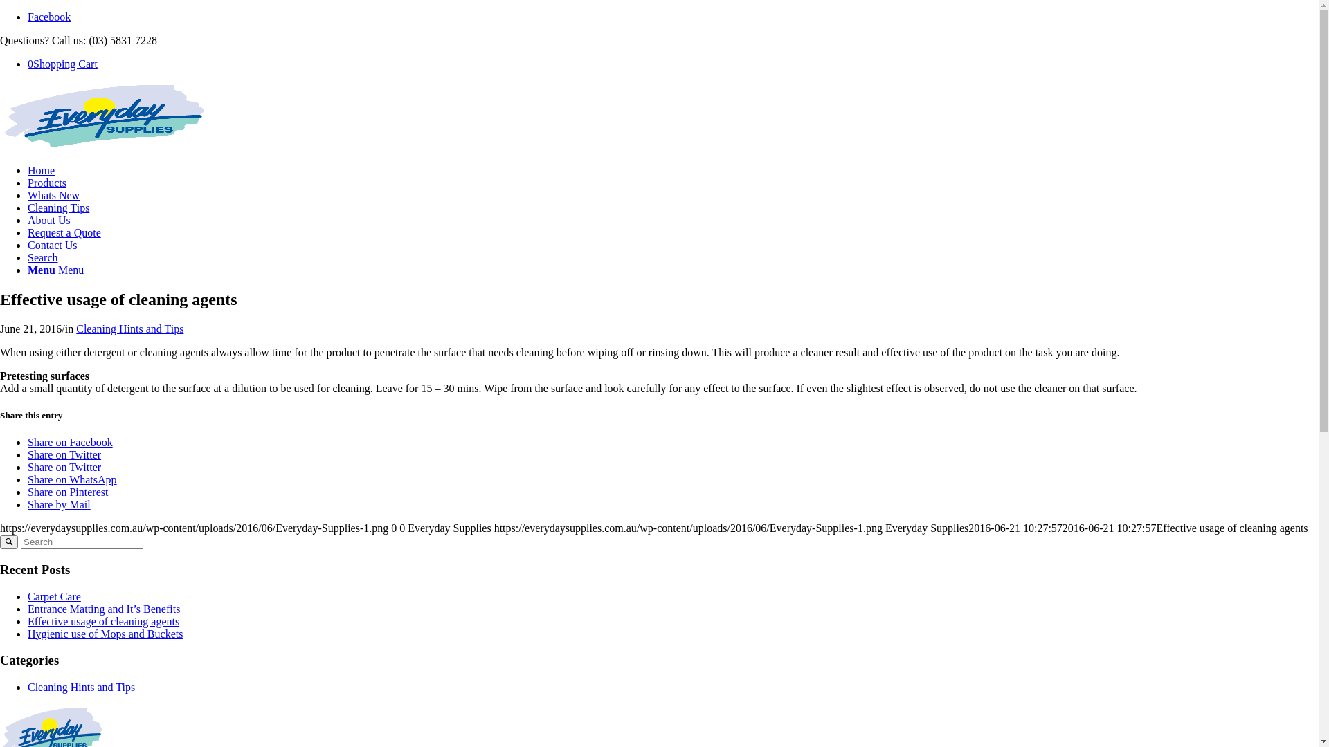 Image resolution: width=1329 pixels, height=747 pixels. Describe the element at coordinates (49, 219) in the screenshot. I see `'About Us'` at that location.